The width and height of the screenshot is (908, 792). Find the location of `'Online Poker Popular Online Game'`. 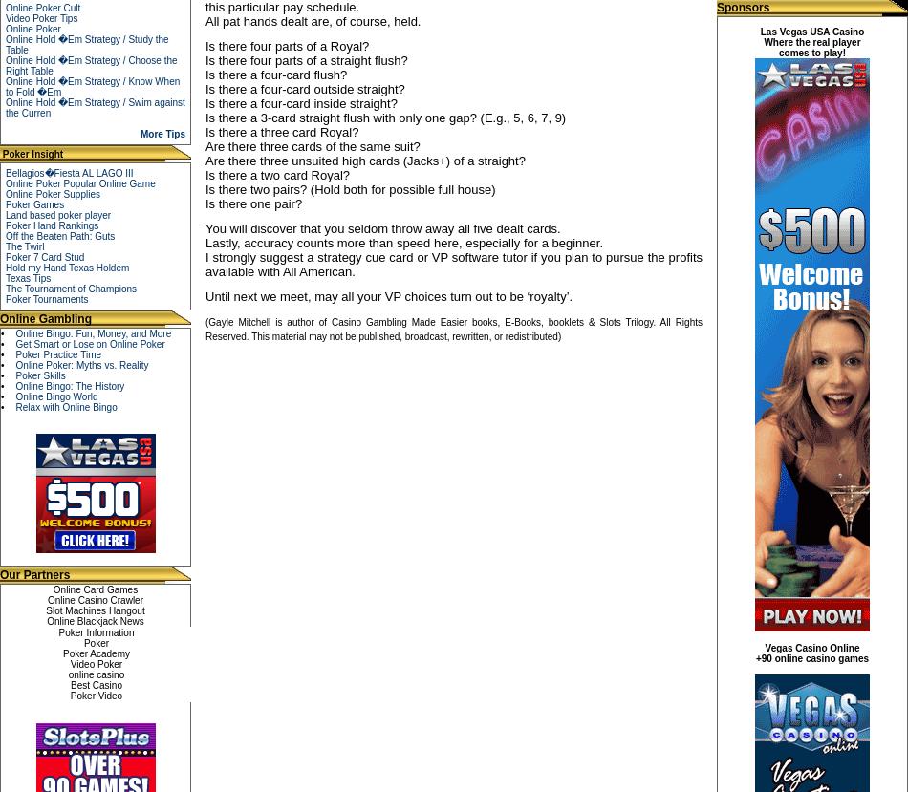

'Online Poker Popular Online Game' is located at coordinates (79, 182).